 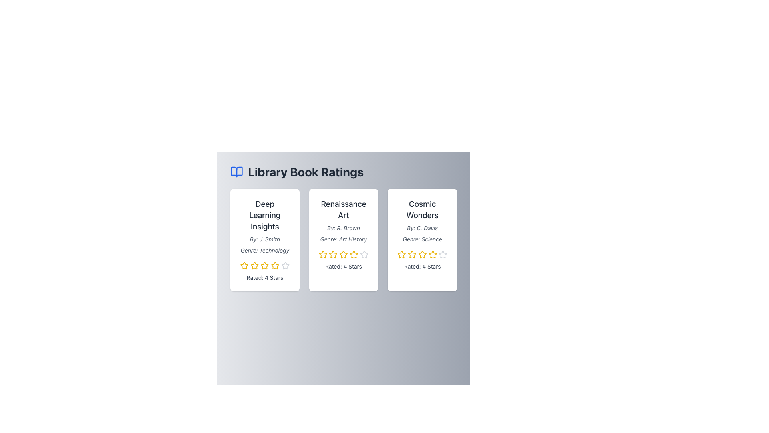 I want to click on the fourth star-shaped rating icon with a yellow outline in the 'Deep Learning Insights' card, so click(x=275, y=265).